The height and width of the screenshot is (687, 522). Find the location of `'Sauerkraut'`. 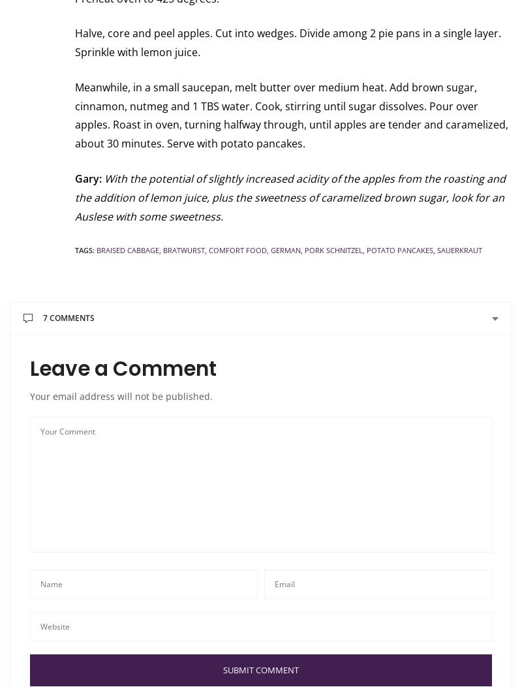

'Sauerkraut' is located at coordinates (437, 250).